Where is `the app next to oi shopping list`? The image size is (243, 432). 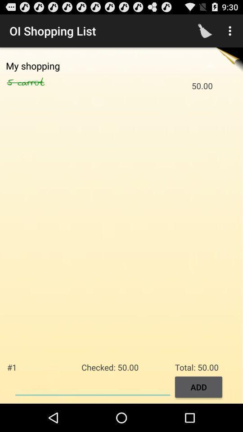 the app next to oi shopping list is located at coordinates (205, 31).